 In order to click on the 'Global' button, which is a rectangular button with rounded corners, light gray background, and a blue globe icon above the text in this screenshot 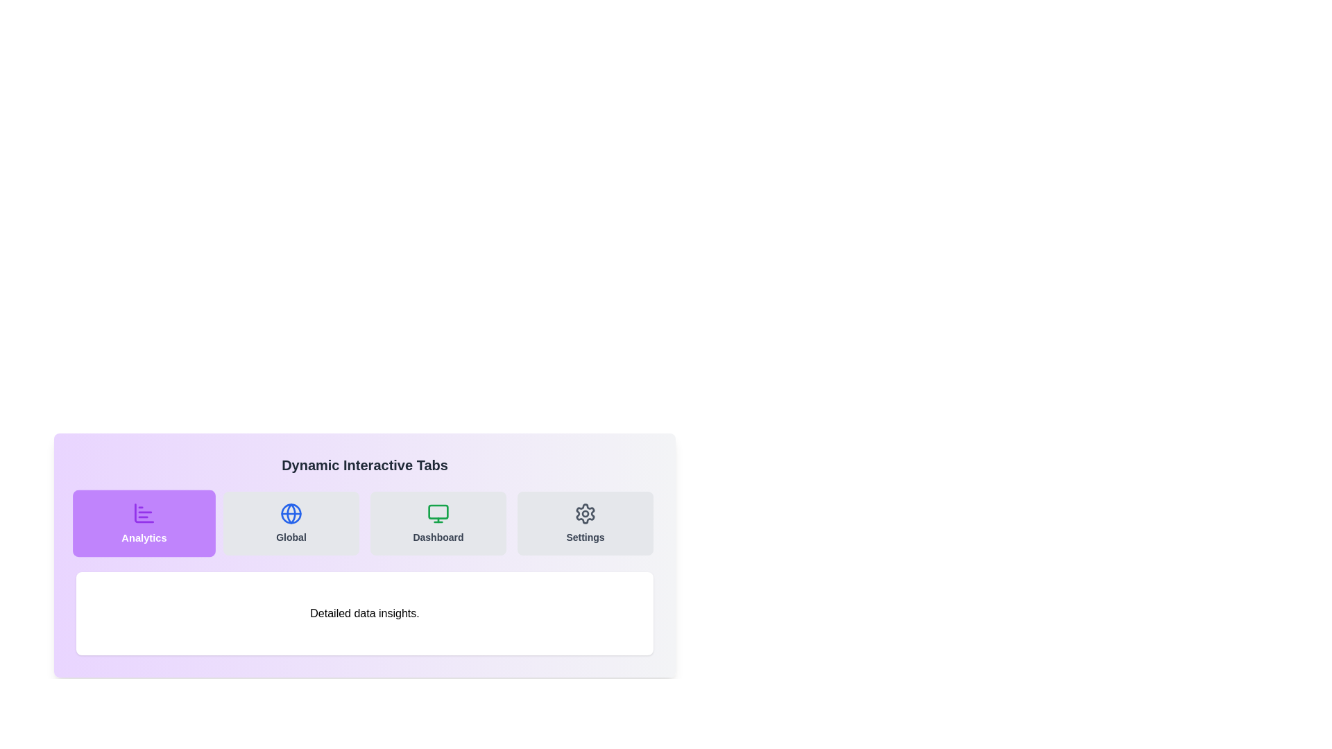, I will do `click(291, 524)`.